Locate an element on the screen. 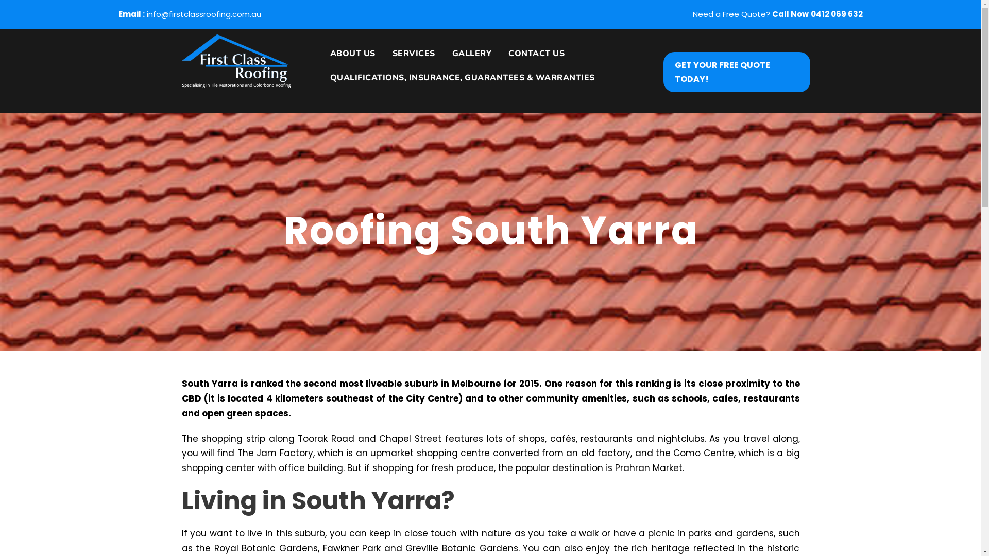 The image size is (989, 556). 'SERVICES' is located at coordinates (384, 58).